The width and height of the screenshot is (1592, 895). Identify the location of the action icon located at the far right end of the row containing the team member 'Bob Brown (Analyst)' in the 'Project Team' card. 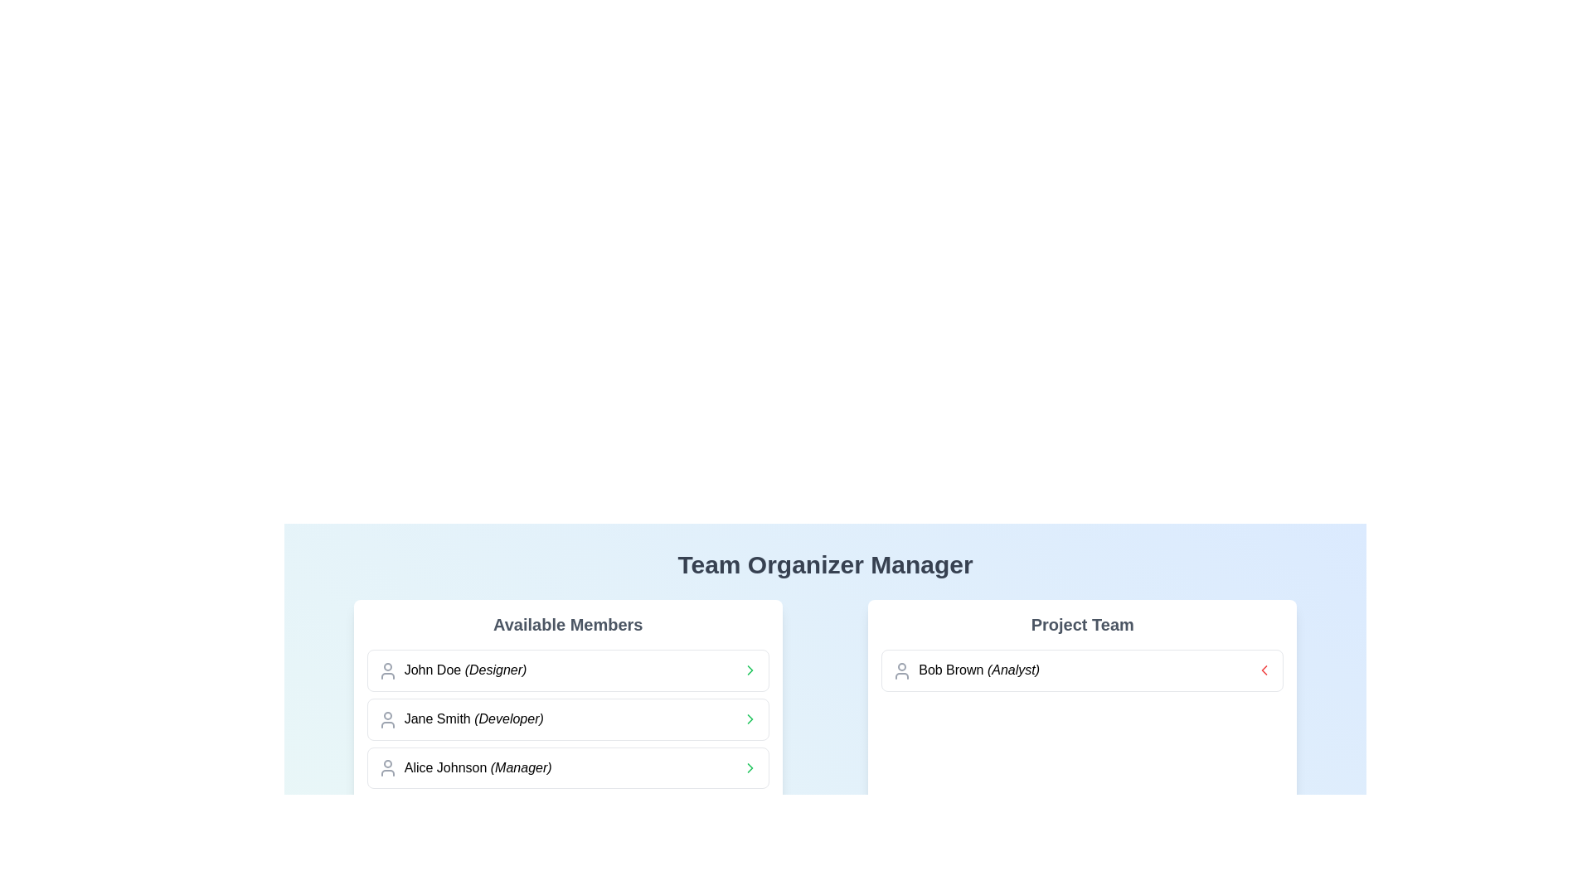
(1264, 670).